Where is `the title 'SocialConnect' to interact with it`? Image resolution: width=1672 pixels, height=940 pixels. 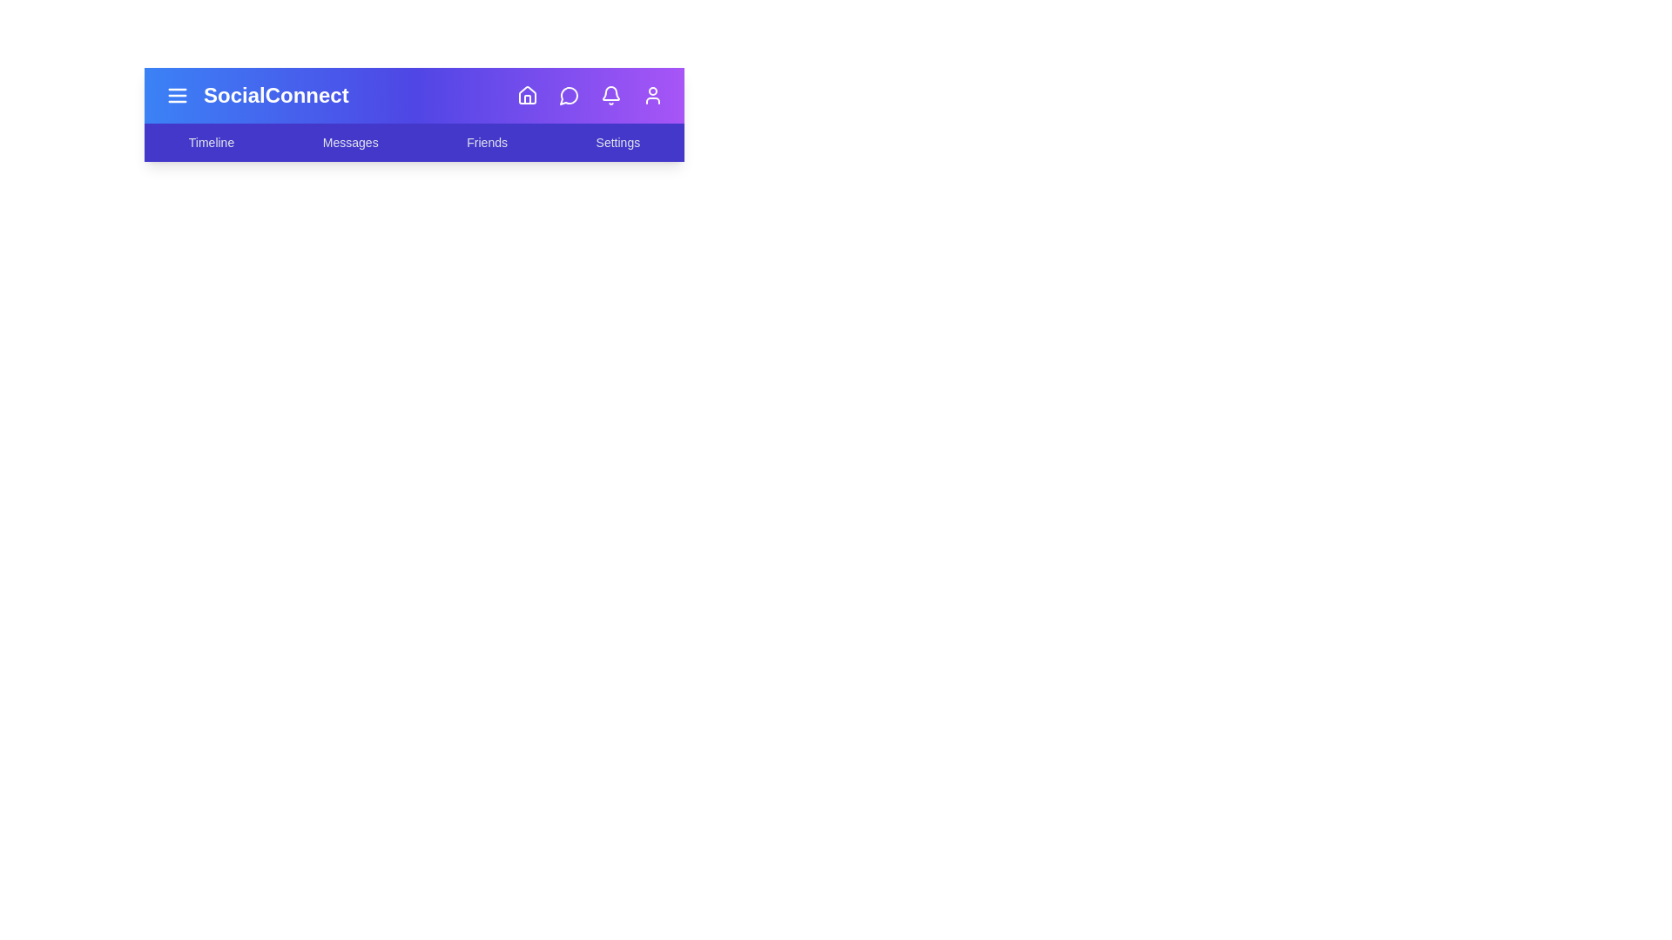
the title 'SocialConnect' to interact with it is located at coordinates (274, 96).